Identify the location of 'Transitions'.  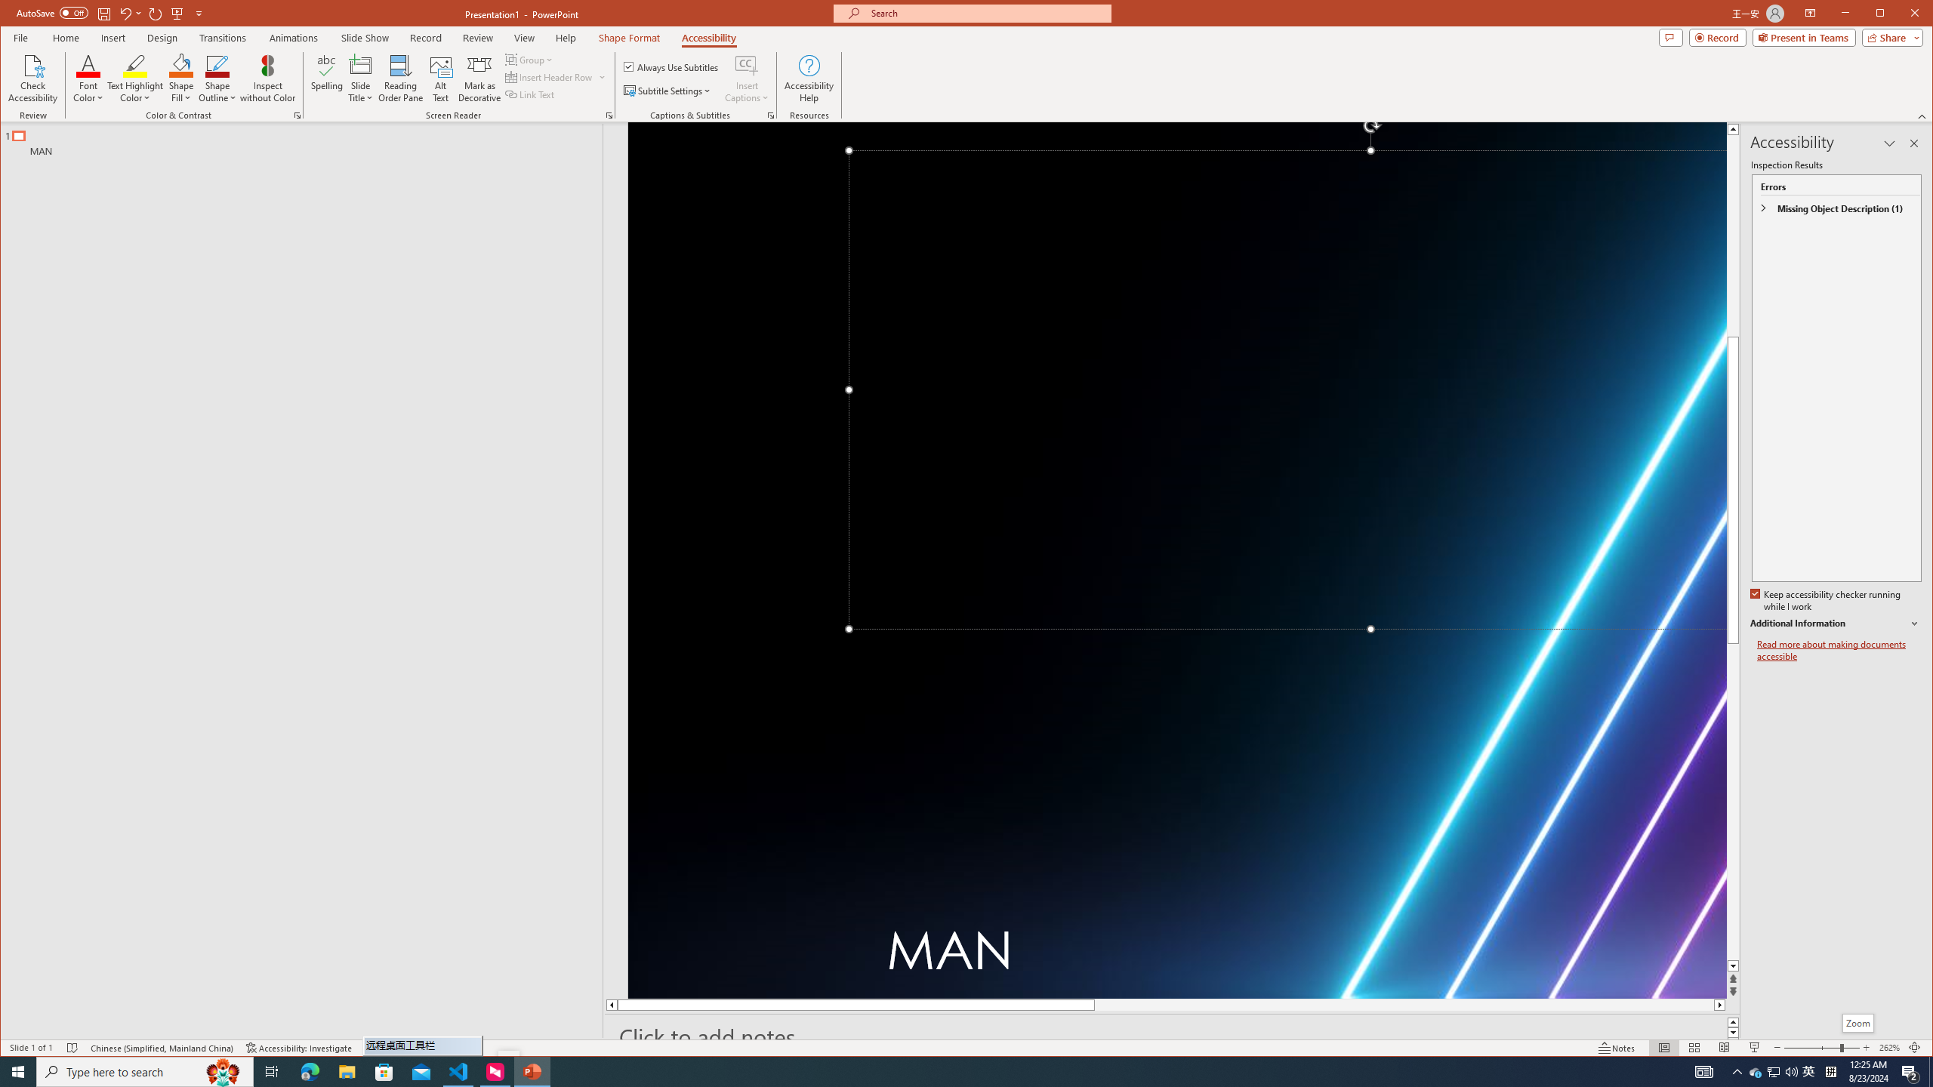
(222, 37).